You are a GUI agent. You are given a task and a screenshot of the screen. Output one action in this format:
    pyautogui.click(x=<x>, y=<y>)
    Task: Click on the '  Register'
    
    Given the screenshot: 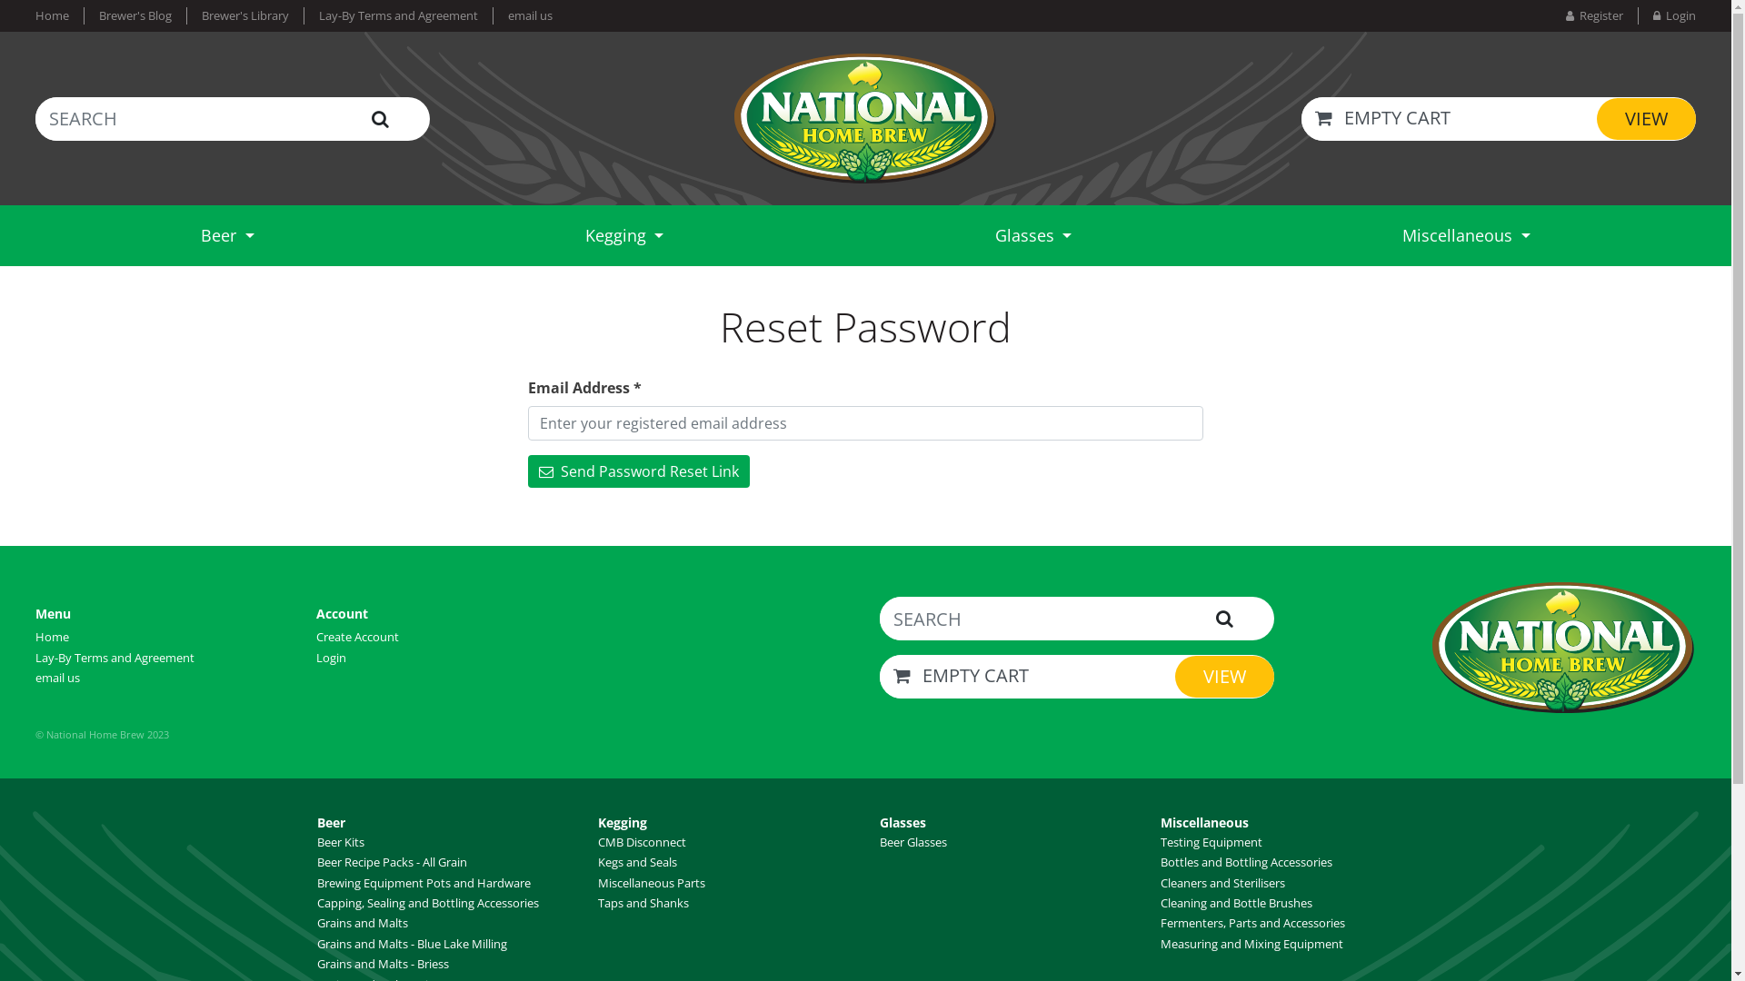 What is the action you would take?
    pyautogui.click(x=1601, y=15)
    